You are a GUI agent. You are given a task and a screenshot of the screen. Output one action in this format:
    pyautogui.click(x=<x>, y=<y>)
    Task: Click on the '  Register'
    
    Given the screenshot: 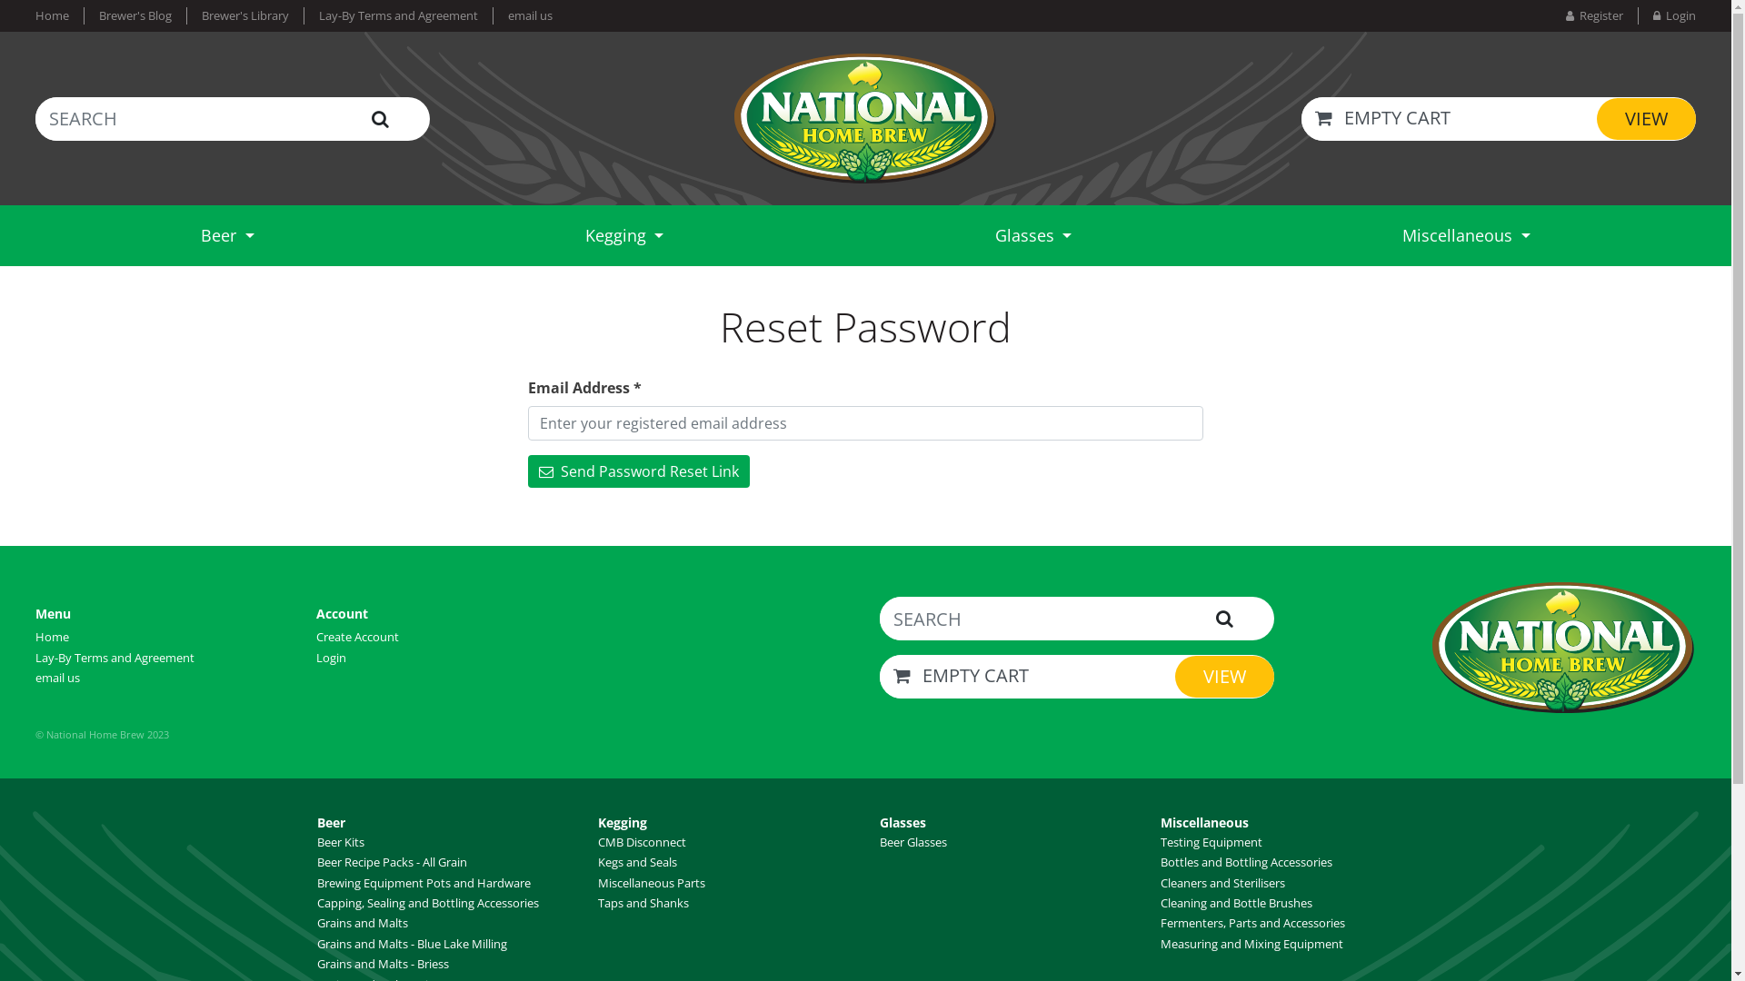 What is the action you would take?
    pyautogui.click(x=1601, y=15)
    